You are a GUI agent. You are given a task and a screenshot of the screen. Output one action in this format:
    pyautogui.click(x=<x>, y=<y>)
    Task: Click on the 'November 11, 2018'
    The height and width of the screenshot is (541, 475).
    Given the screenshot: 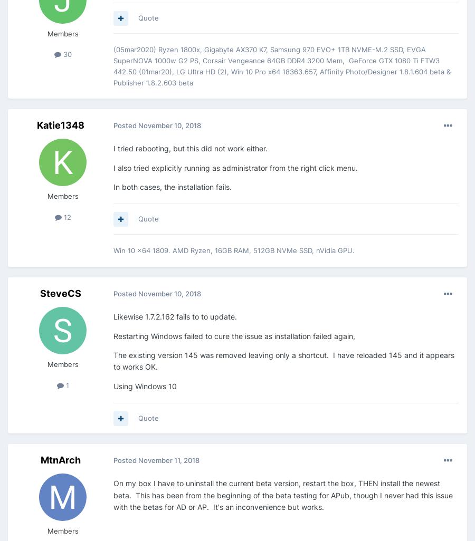 What is the action you would take?
    pyautogui.click(x=137, y=460)
    